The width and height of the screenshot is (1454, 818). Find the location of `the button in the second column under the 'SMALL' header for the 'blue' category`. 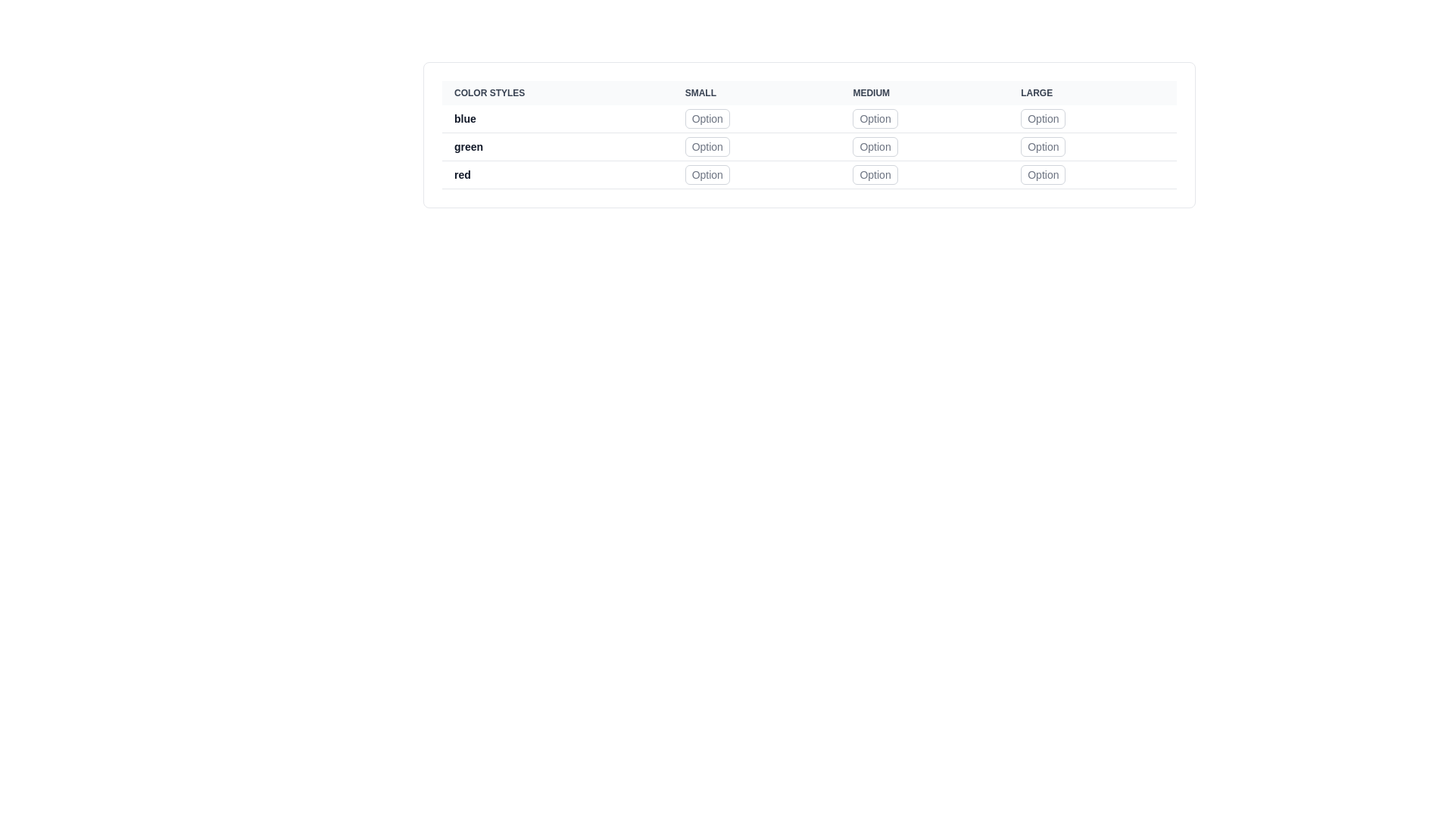

the button in the second column under the 'SMALL' header for the 'blue' category is located at coordinates (707, 118).